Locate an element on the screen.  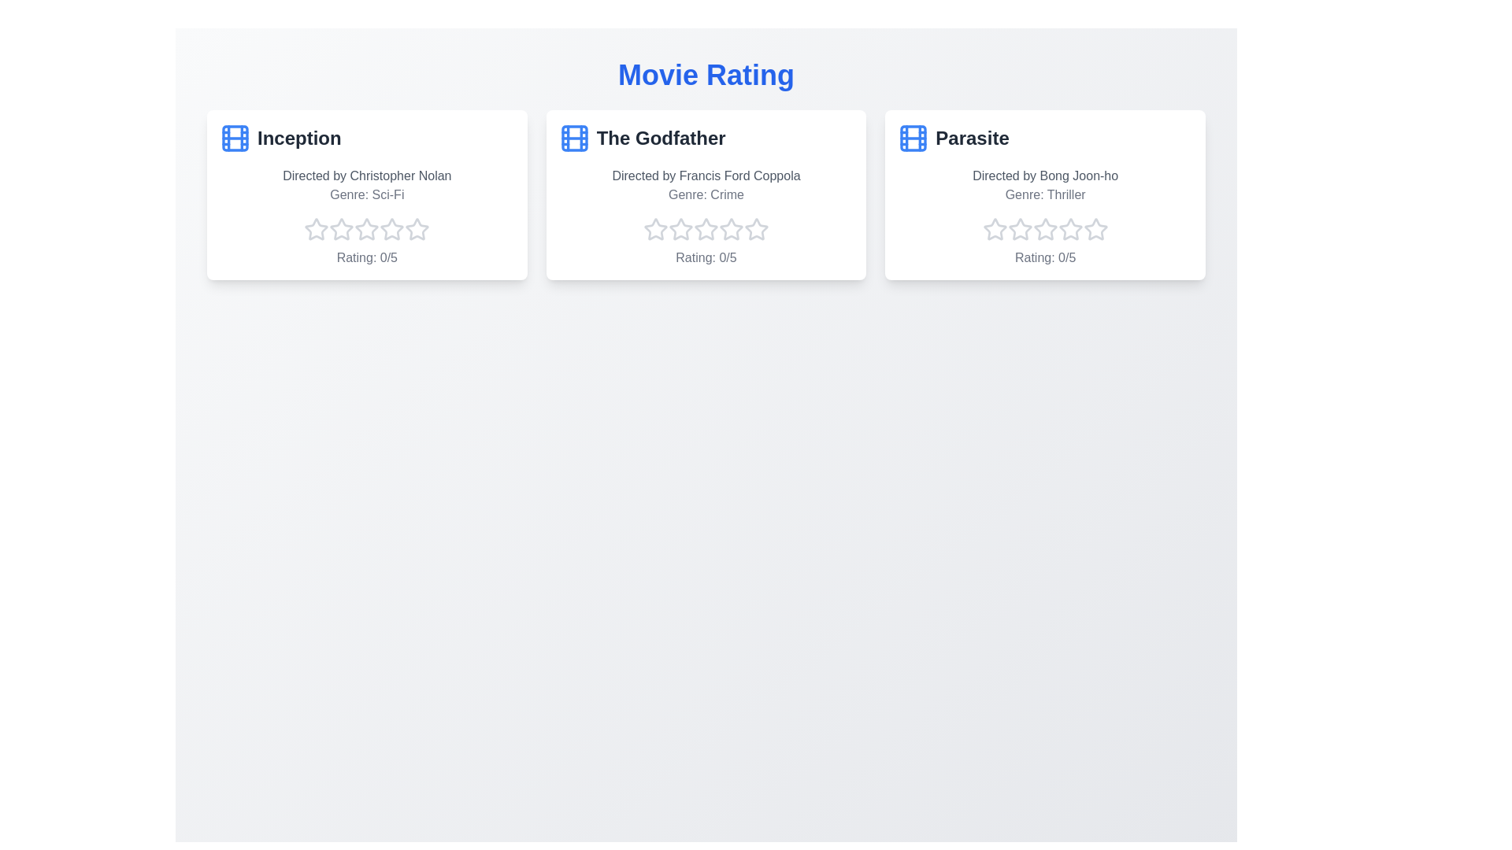
the movie card for 'Inception' to see its hover effect is located at coordinates (365, 194).